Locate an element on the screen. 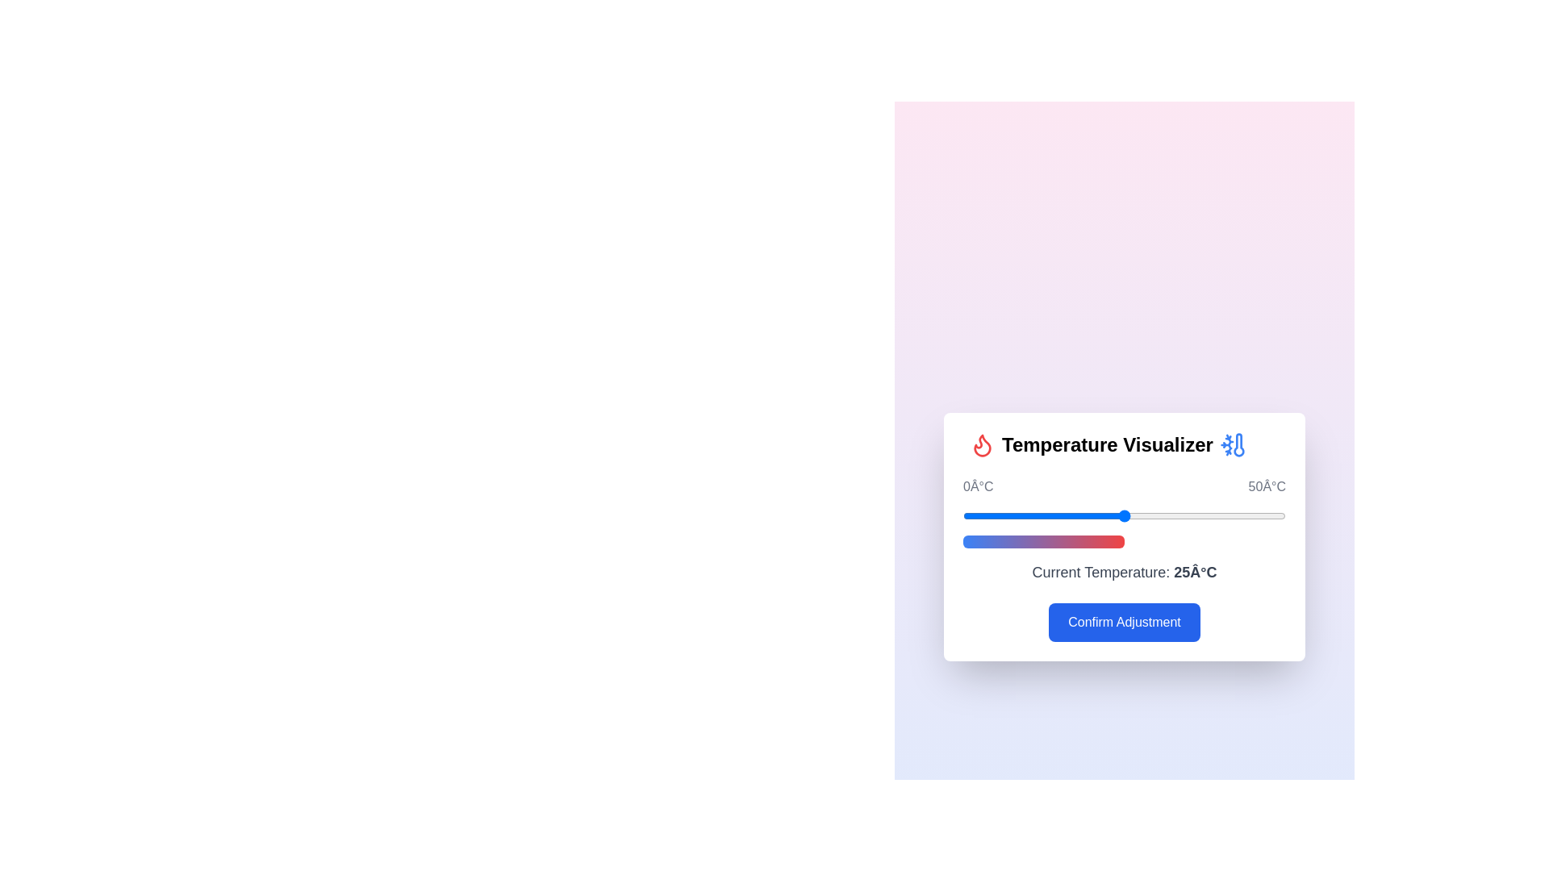  the temperature slider to 34°C to observe the visual feedback is located at coordinates (1182, 516).